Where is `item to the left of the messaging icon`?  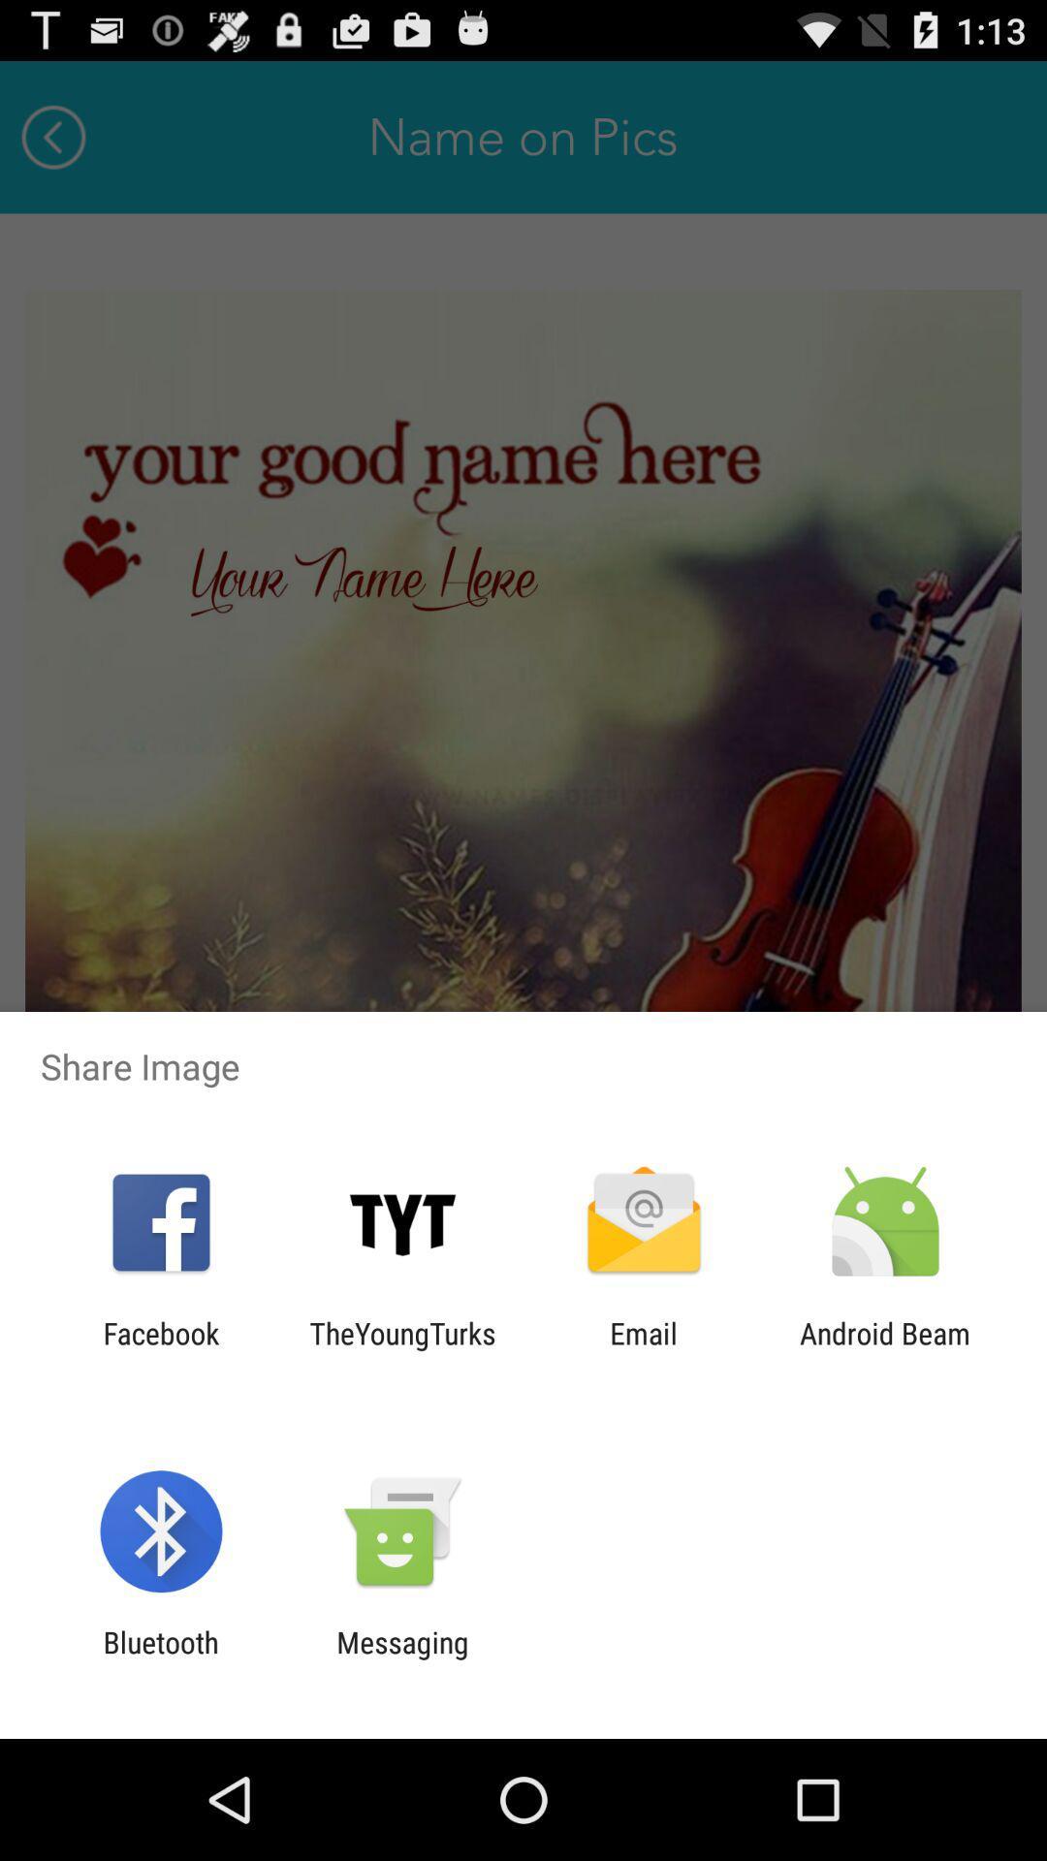 item to the left of the messaging icon is located at coordinates (160, 1658).